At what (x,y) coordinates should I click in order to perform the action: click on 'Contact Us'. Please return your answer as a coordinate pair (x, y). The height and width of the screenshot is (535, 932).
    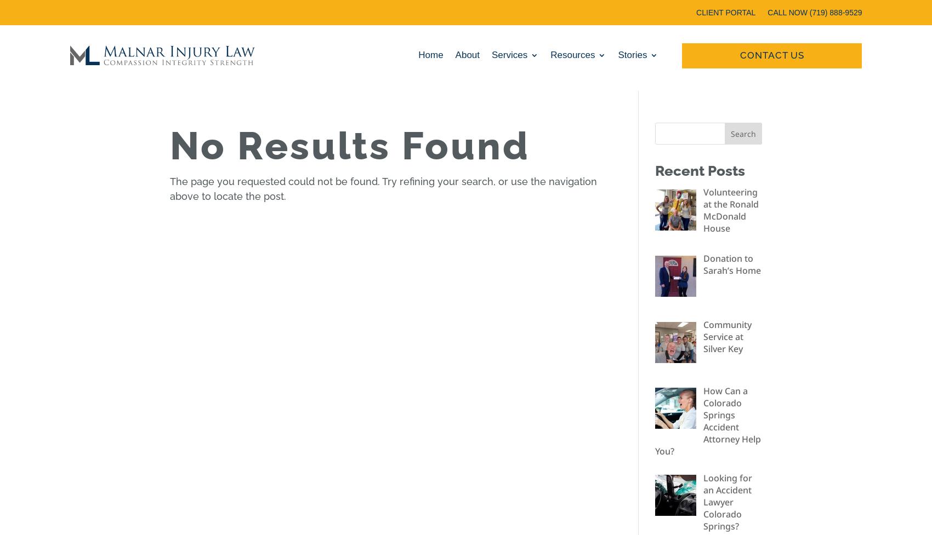
    Looking at the image, I should click on (771, 58).